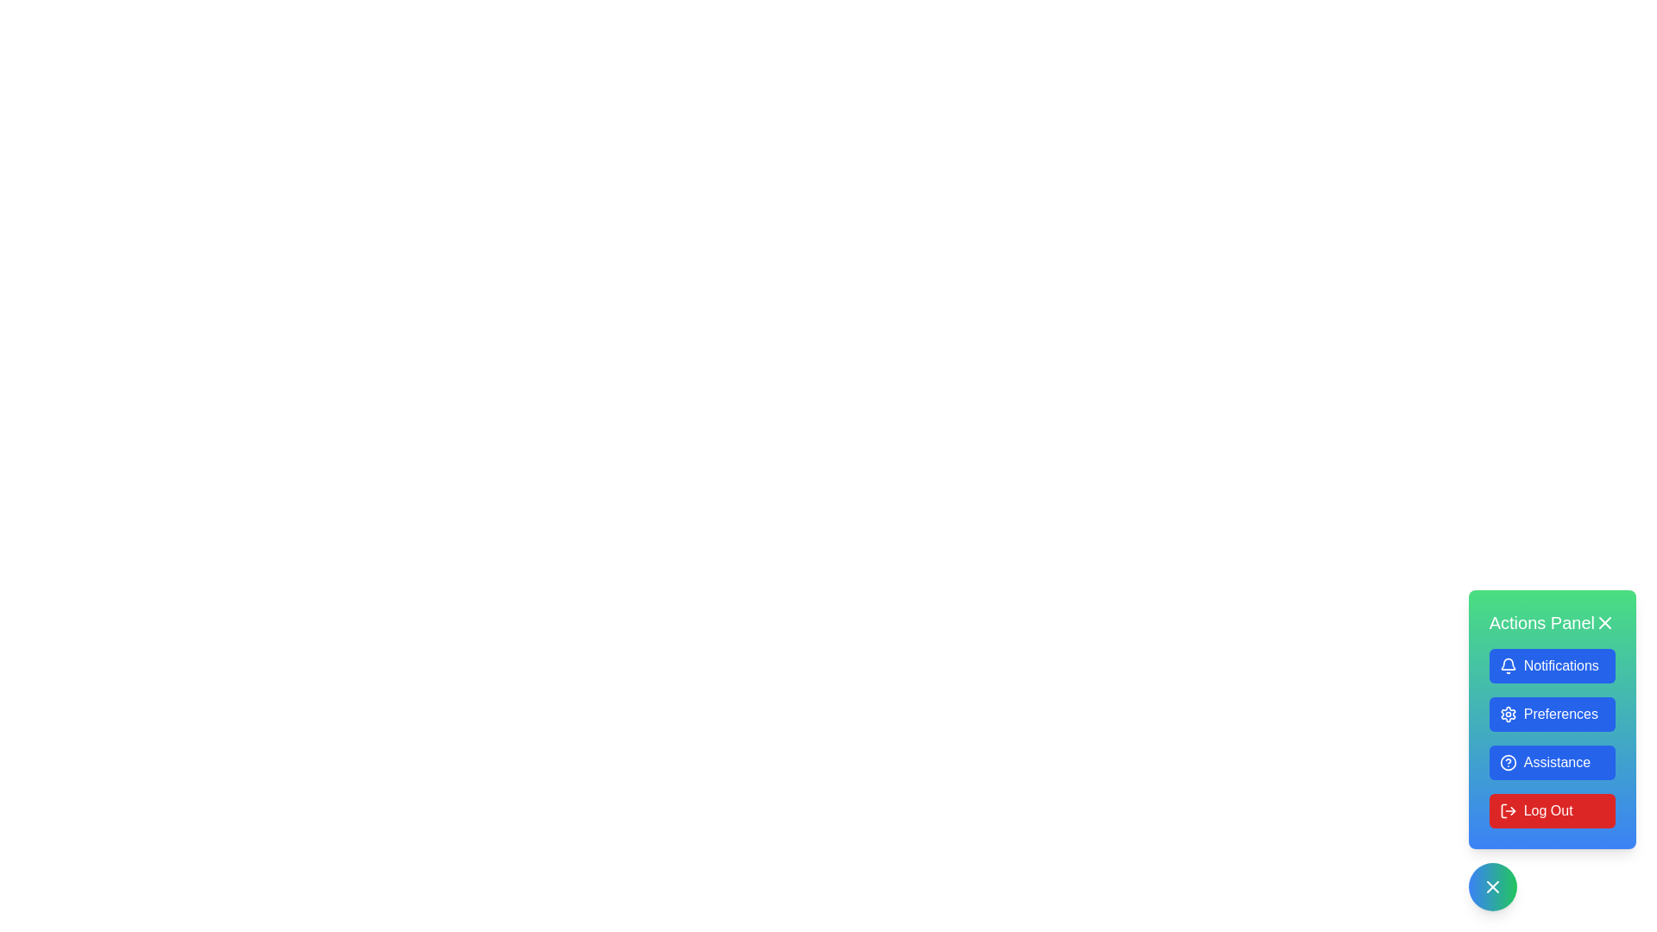 Image resolution: width=1657 pixels, height=932 pixels. What do you see at coordinates (1507, 811) in the screenshot?
I see `the small rectangular log-out icon styled as an arrow exiting a box, located to the left of the 'Log Out' button text` at bounding box center [1507, 811].